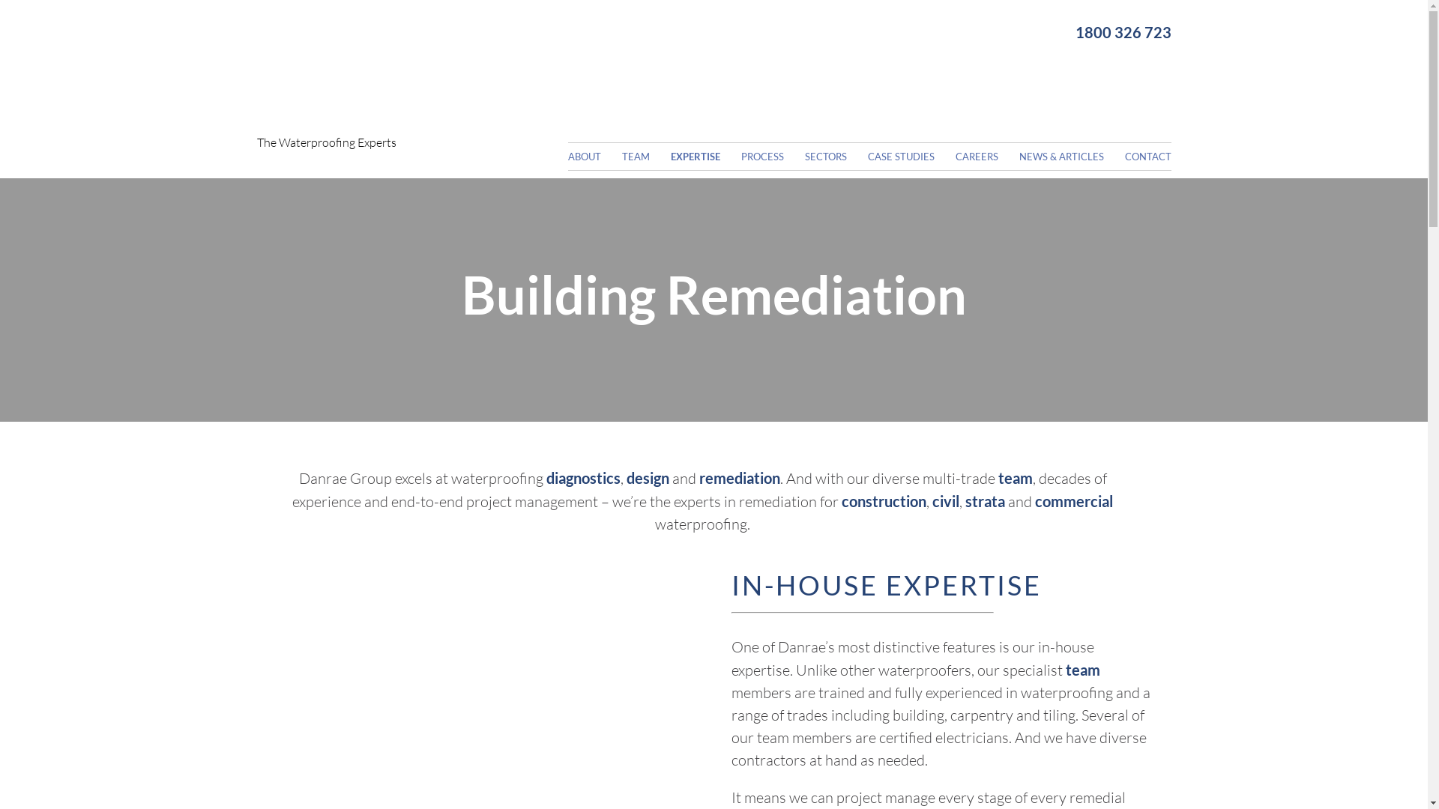  I want to click on 'team', so click(1082, 669).